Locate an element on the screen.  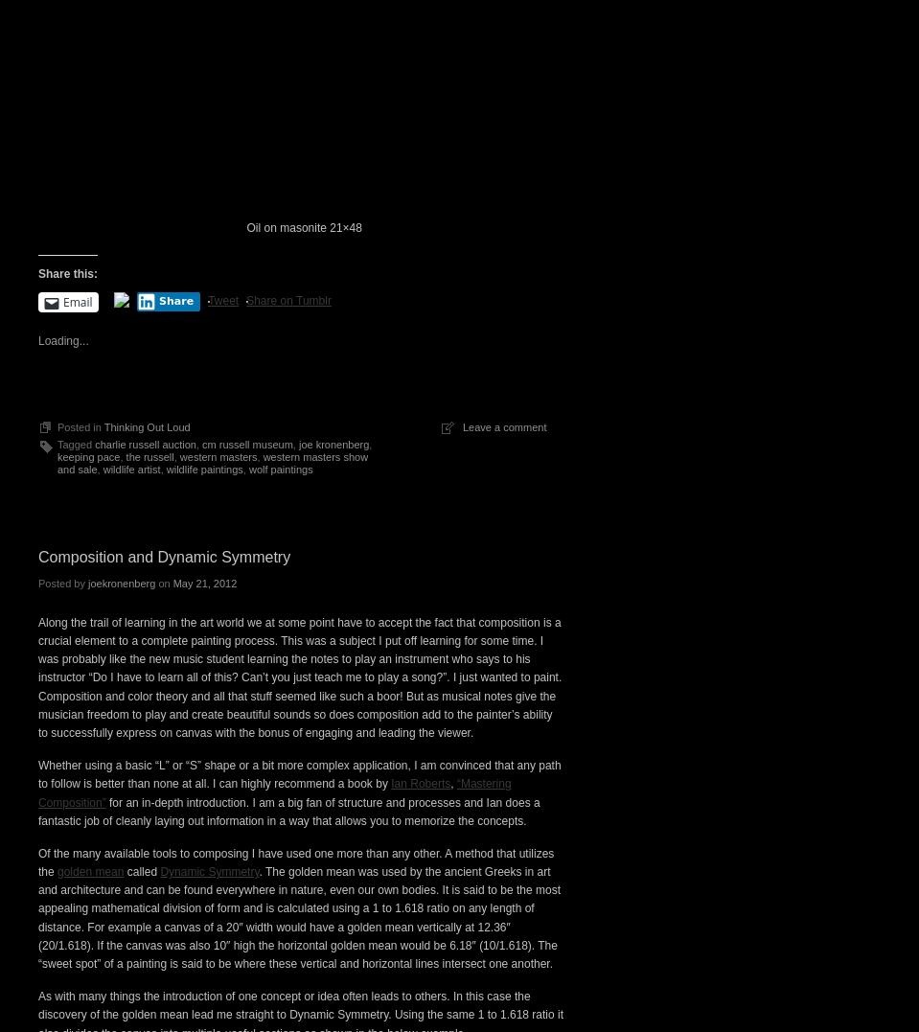
'“Keeping Pace” will be included in the “Off the Wall” sale at the' is located at coordinates (195, 154).